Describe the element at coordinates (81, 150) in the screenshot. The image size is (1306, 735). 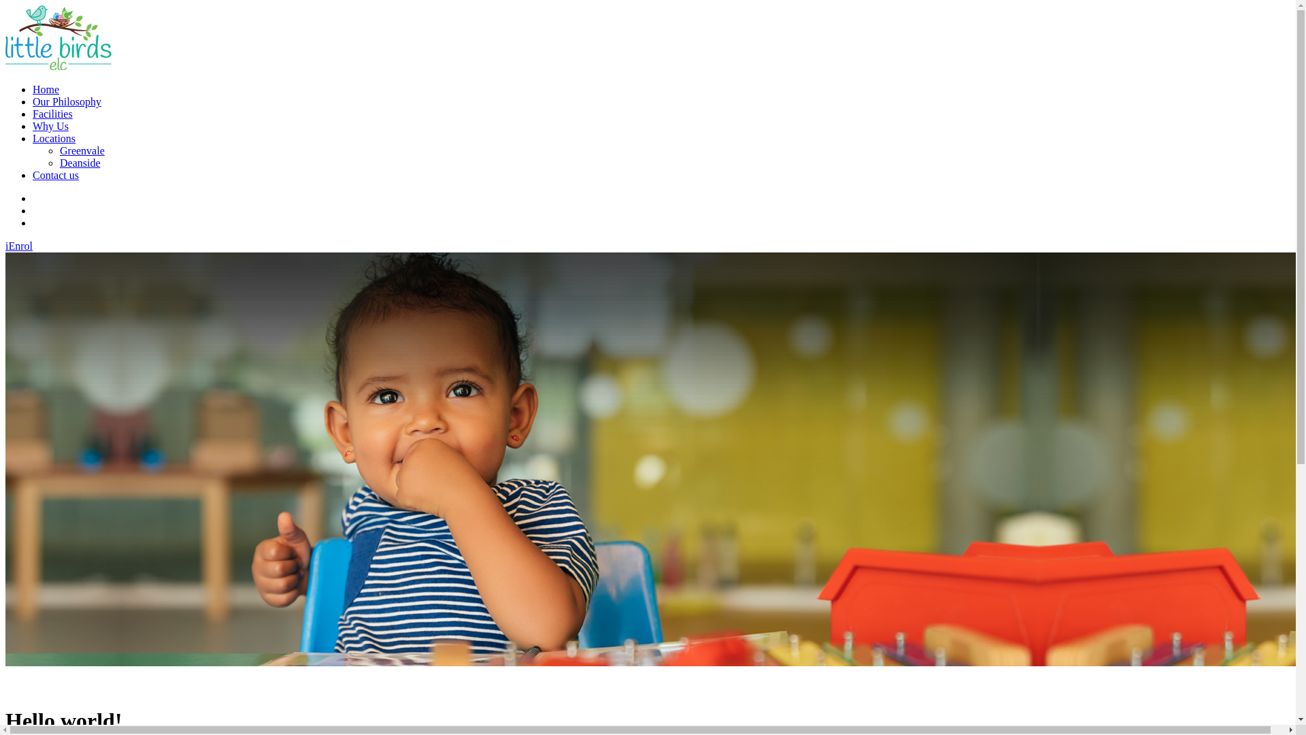
I see `'Greenvale'` at that location.